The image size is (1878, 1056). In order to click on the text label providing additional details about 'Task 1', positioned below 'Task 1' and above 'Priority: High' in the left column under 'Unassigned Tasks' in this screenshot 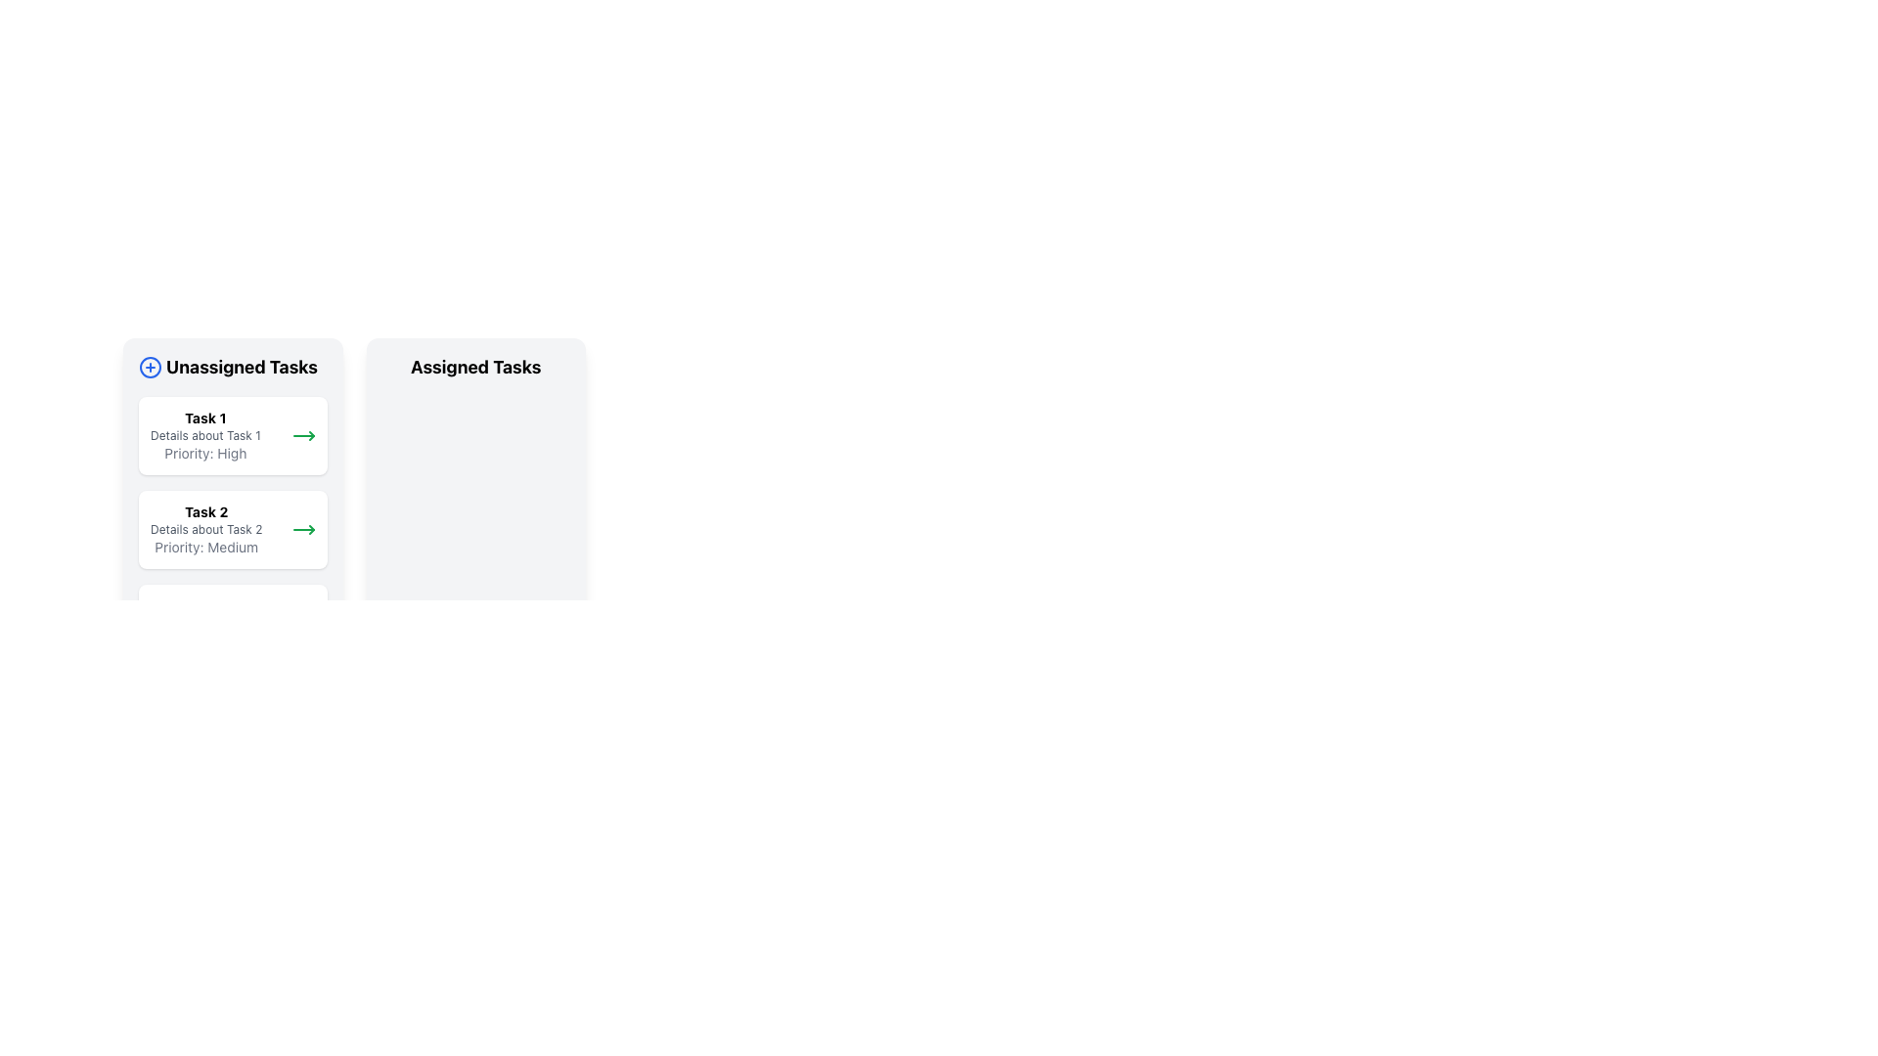, I will do `click(205, 435)`.